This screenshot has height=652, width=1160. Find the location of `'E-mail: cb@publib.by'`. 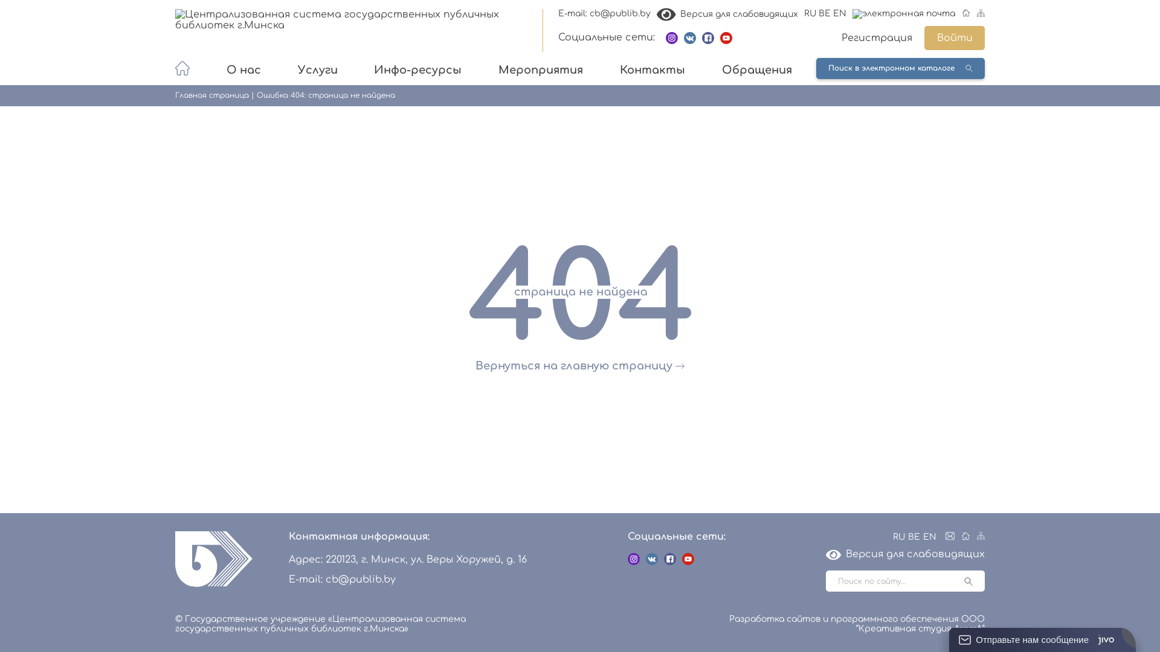

'E-mail: cb@publib.by' is located at coordinates (604, 14).